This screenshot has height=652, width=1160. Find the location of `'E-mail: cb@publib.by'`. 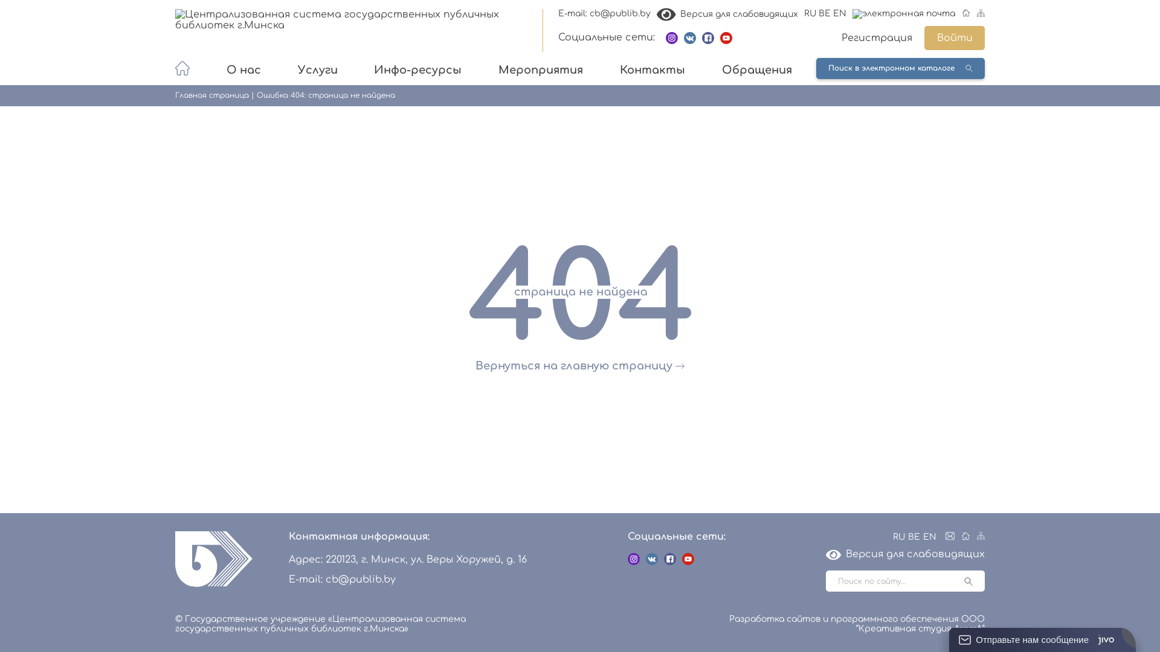

'E-mail: cb@publib.by' is located at coordinates (604, 14).